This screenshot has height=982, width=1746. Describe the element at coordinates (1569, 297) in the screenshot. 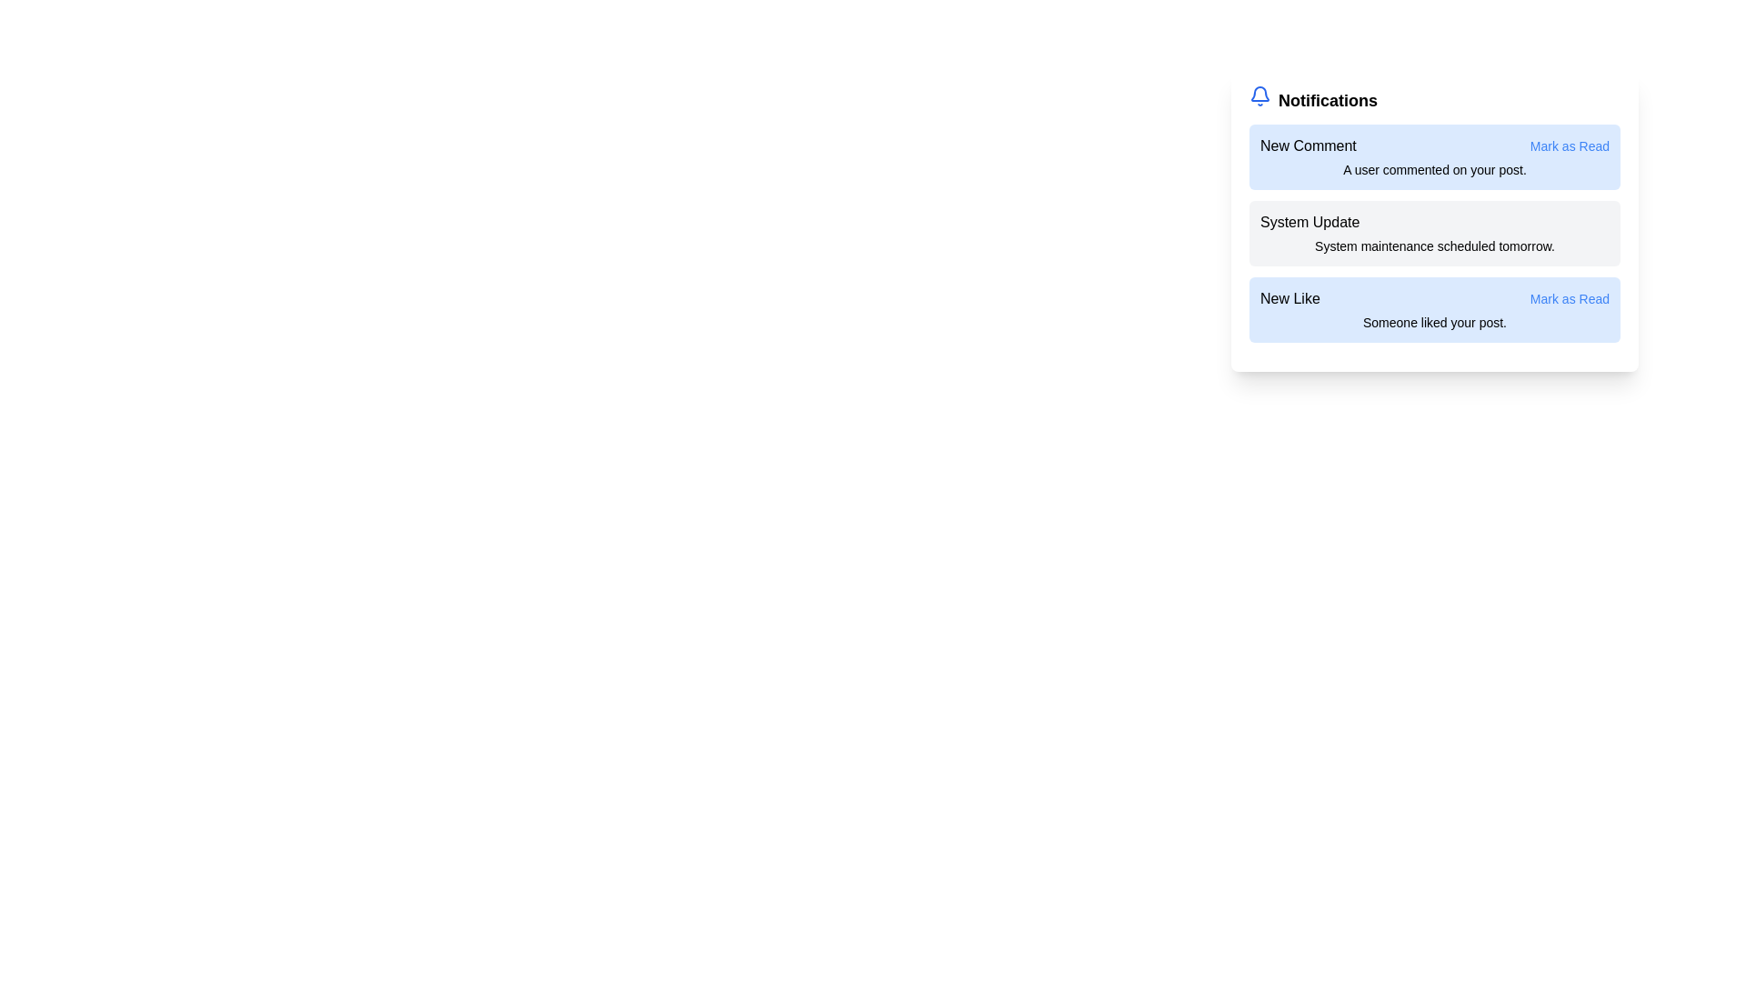

I see `the 'Mark as Read' button for the notification titled New Like` at that location.